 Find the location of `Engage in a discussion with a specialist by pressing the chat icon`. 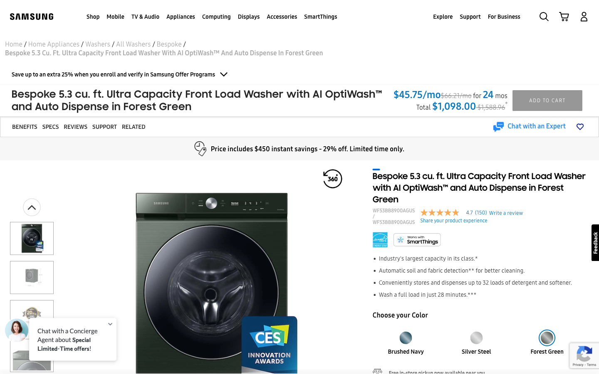

Engage in a discussion with a specialist by pressing the chat icon is located at coordinates (529, 126).